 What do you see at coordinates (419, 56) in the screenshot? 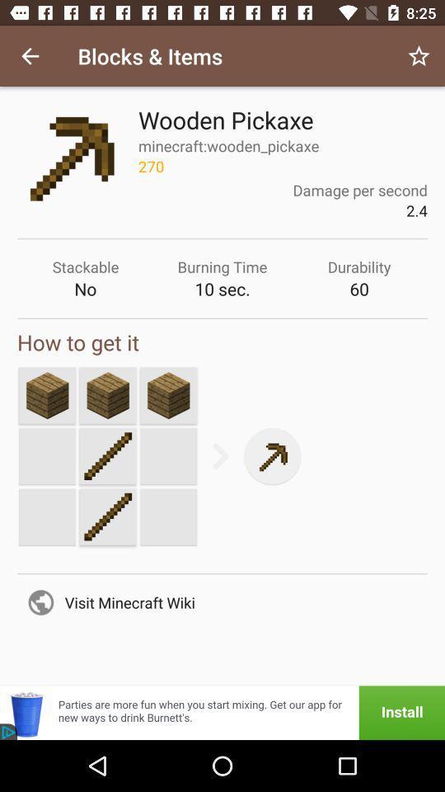
I see `the item to the right of blocks & items icon` at bounding box center [419, 56].